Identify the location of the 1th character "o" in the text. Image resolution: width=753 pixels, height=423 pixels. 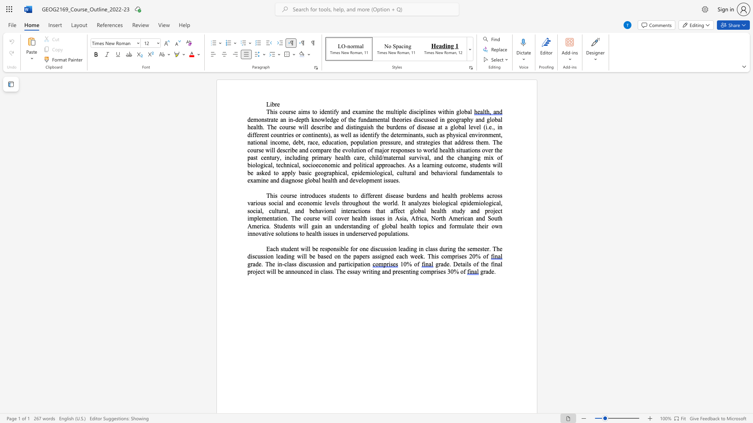
(306, 134).